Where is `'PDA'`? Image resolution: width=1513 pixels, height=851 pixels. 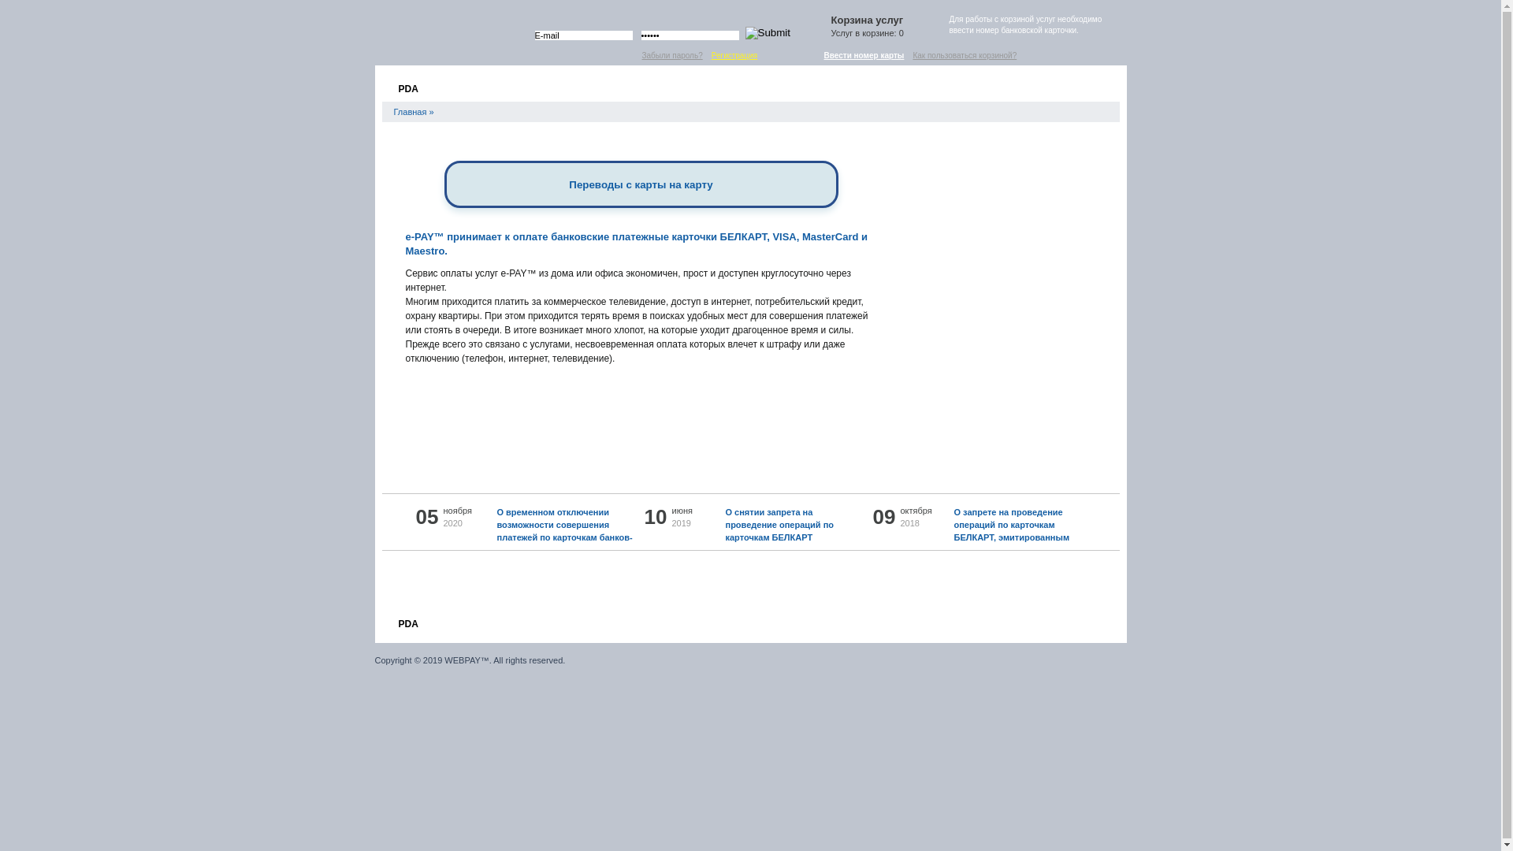 'PDA' is located at coordinates (407, 621).